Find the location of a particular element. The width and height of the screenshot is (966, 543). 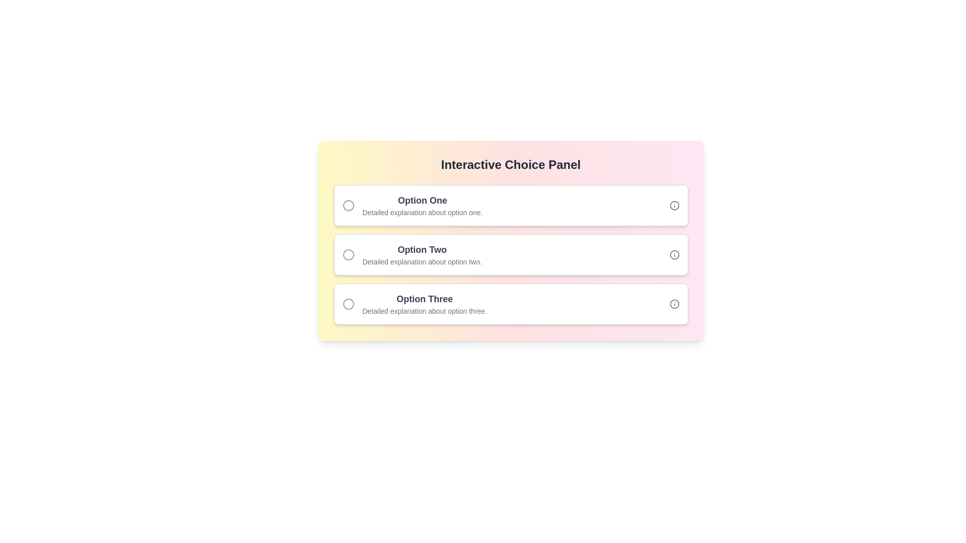

the small circular icon with an outlined question mark, located at the far-right end of the 'Option Three' panel to view context menu options is located at coordinates (674, 304).